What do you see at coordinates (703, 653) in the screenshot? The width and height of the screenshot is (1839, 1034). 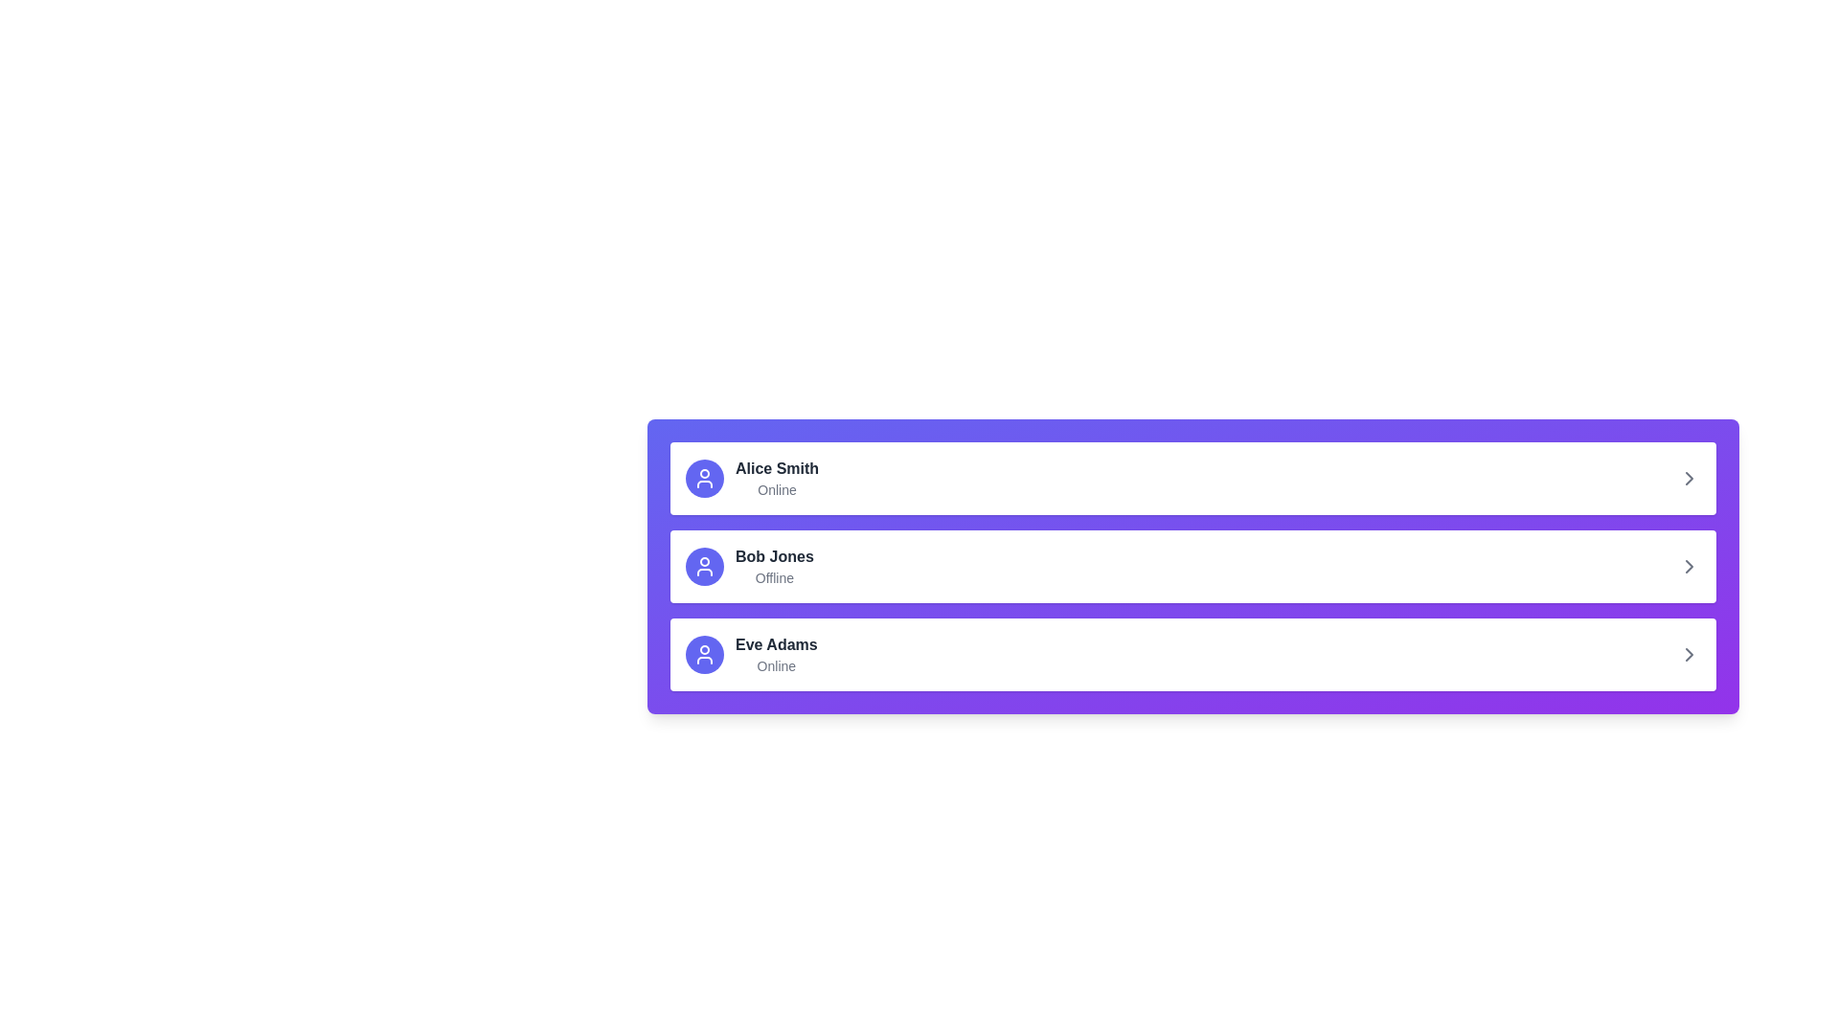 I see `the user icon resembling a silhouette of a person with a purple circular background and white outline, located in the third row of user profiles adjacent to the name 'Eve Adams'` at bounding box center [703, 653].